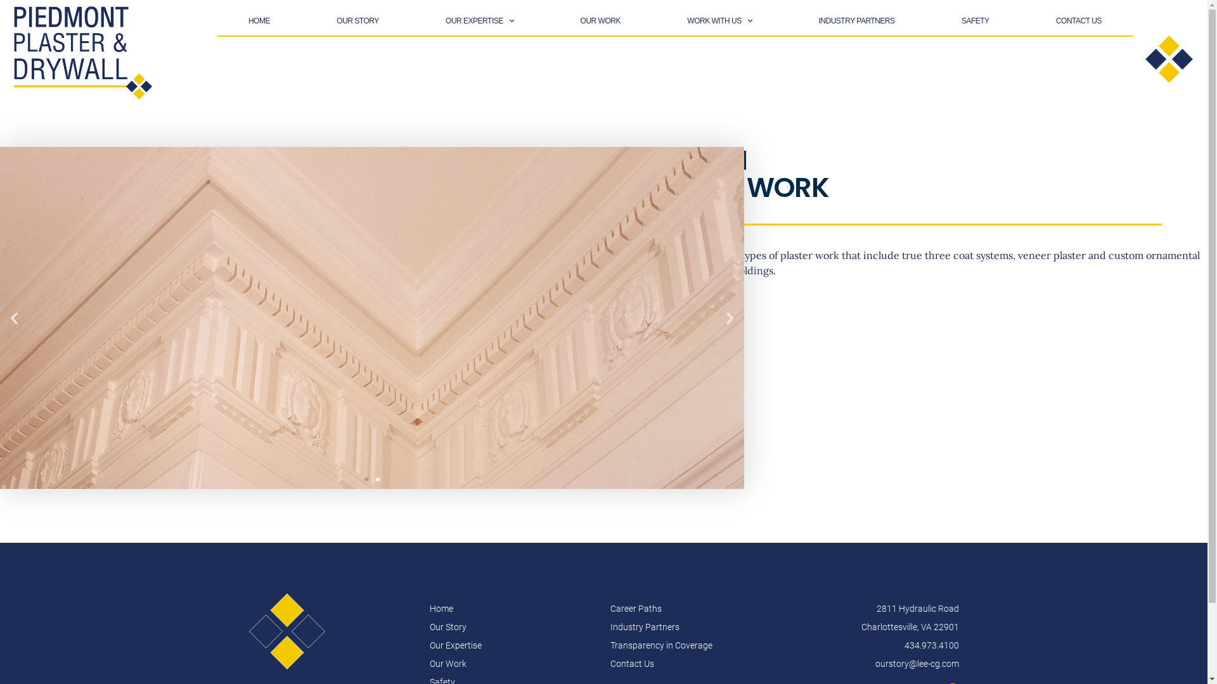 The height and width of the screenshot is (684, 1217). Describe the element at coordinates (693, 645) in the screenshot. I see `'Transparency in Coverage'` at that location.